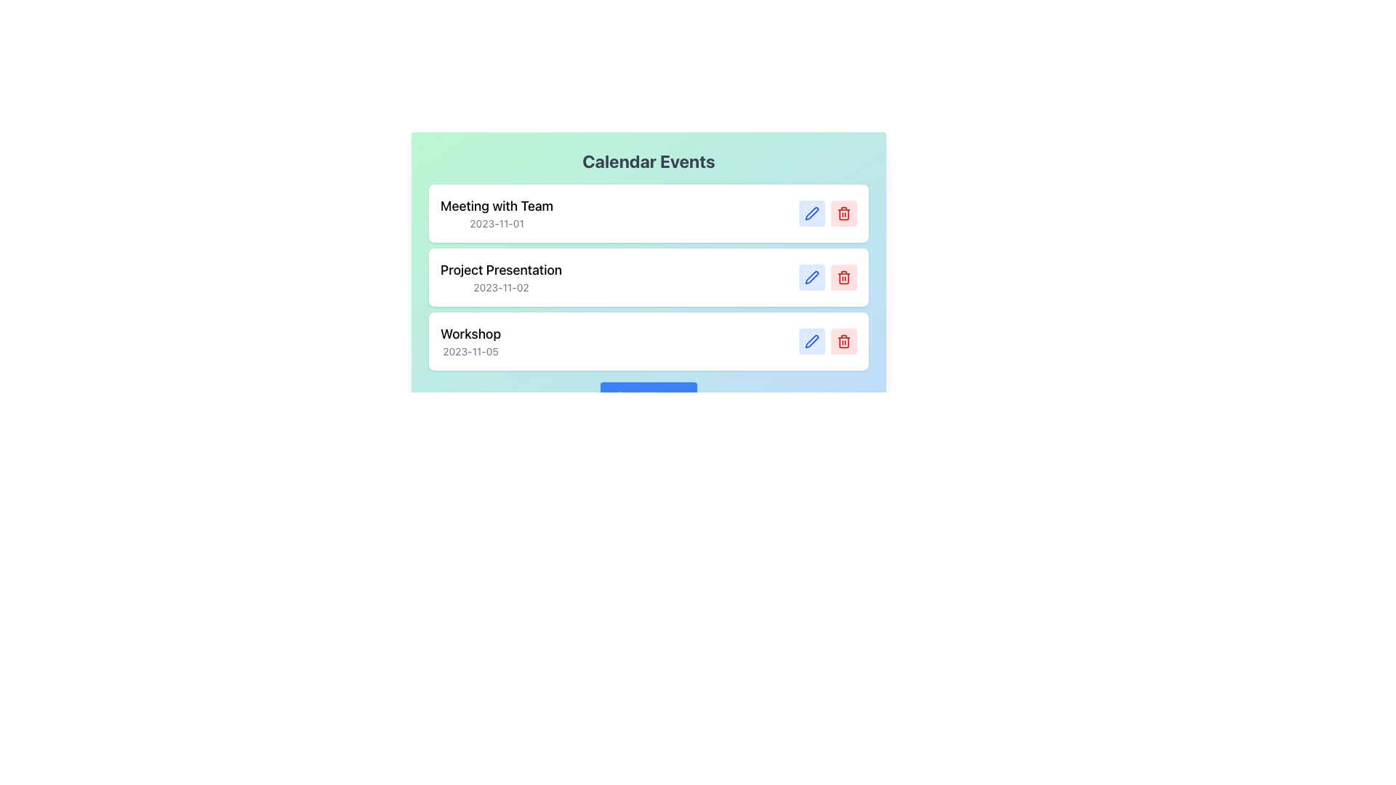  Describe the element at coordinates (497, 206) in the screenshot. I see `the text block reading 'Meeting with Team'` at that location.